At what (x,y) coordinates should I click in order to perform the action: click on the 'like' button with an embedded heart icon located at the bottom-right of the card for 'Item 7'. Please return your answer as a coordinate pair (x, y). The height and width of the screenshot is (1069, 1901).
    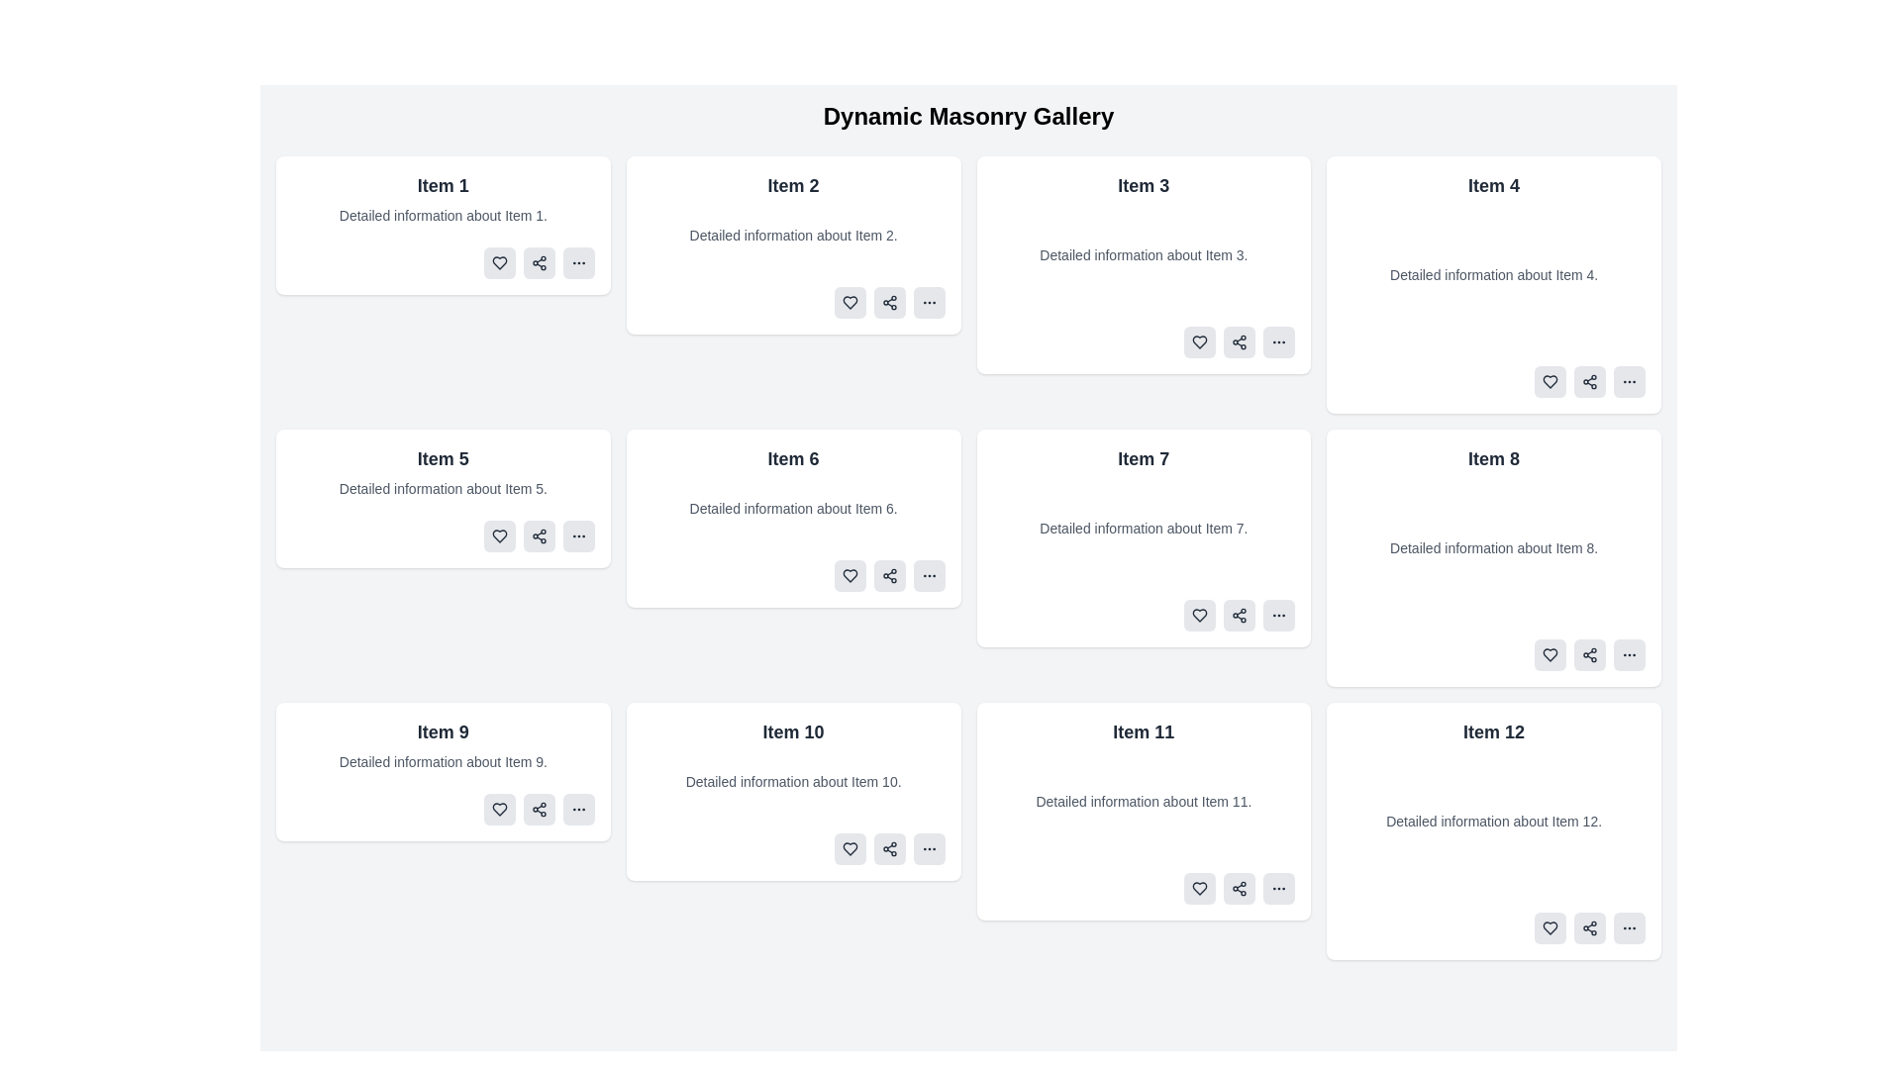
    Looking at the image, I should click on (1199, 614).